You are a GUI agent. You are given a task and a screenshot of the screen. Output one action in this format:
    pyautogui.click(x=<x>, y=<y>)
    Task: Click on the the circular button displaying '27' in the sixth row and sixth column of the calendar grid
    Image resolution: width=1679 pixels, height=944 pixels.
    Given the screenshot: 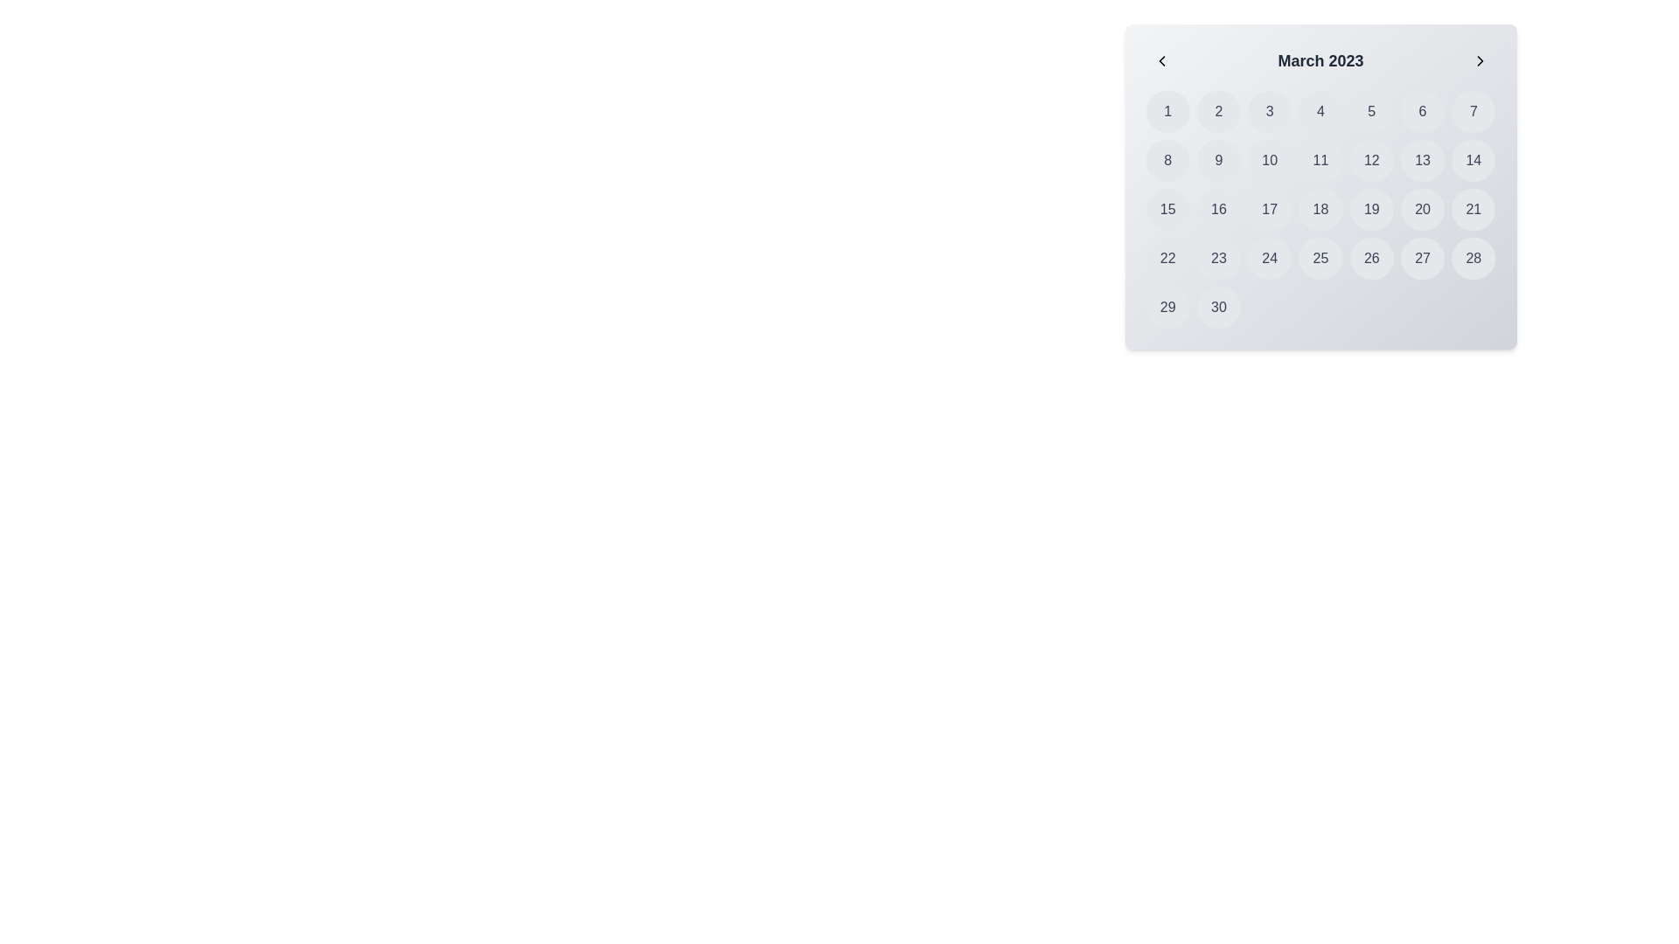 What is the action you would take?
    pyautogui.click(x=1423, y=259)
    